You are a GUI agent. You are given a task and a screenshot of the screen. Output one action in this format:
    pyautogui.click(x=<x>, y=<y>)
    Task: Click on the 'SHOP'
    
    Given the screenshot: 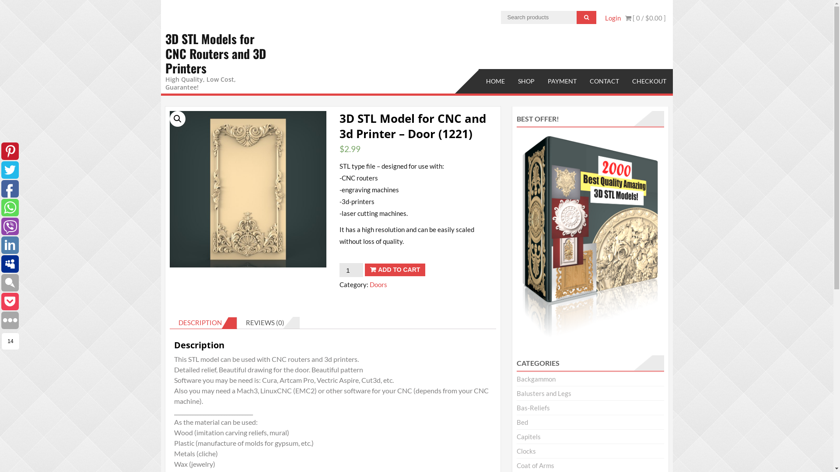 What is the action you would take?
    pyautogui.click(x=525, y=81)
    